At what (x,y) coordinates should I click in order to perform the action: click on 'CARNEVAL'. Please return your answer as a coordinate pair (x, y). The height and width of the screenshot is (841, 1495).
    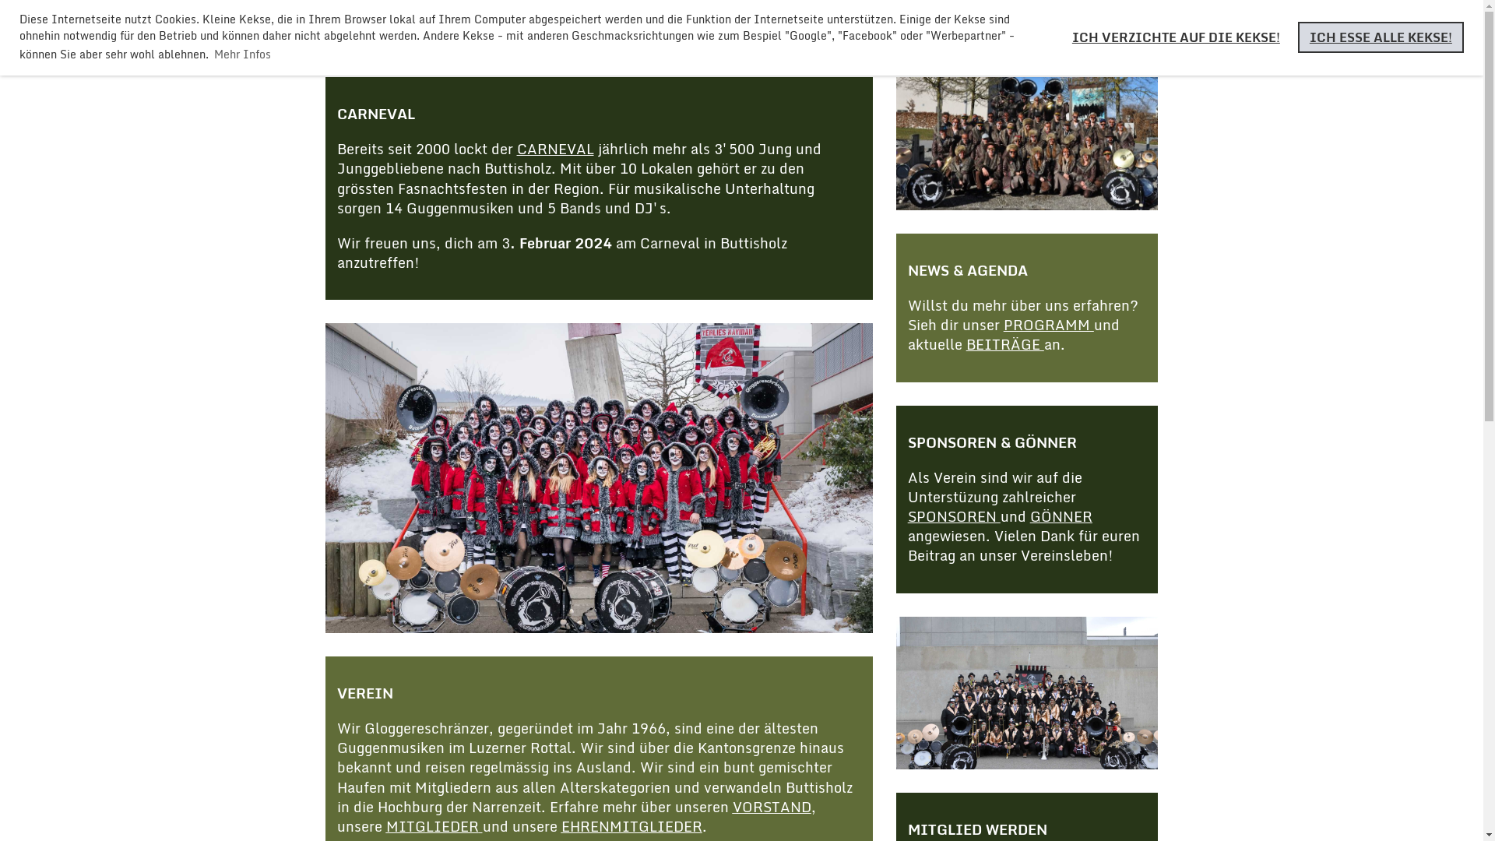
    Looking at the image, I should click on (555, 149).